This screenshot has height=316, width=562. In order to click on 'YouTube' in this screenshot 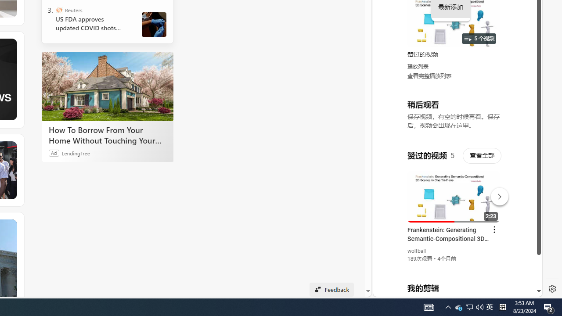, I will do `click(454, 189)`.